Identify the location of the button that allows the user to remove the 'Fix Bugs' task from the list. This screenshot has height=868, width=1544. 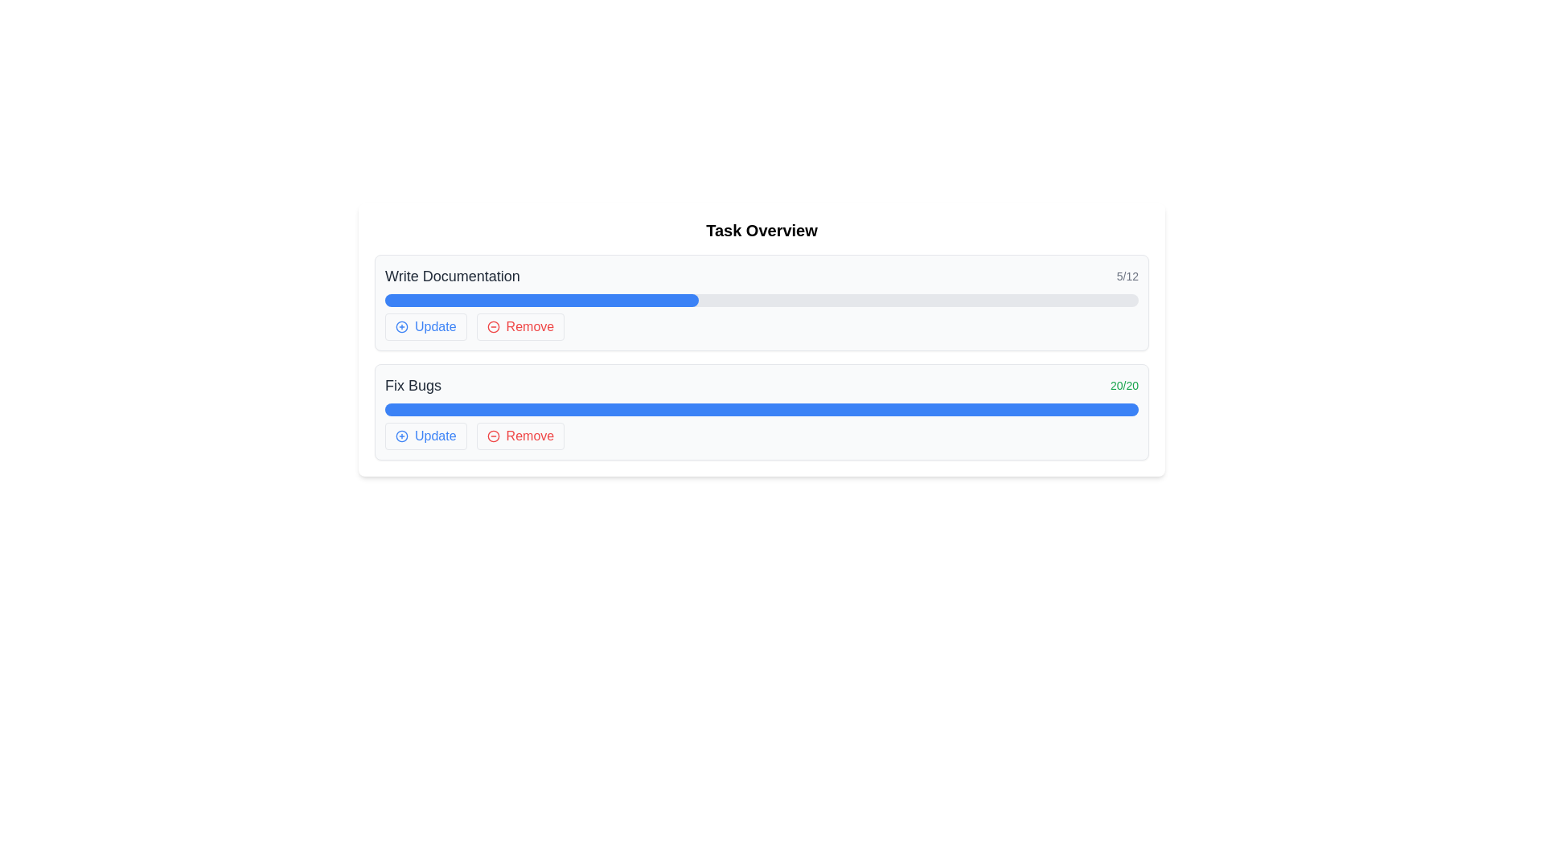
(520, 436).